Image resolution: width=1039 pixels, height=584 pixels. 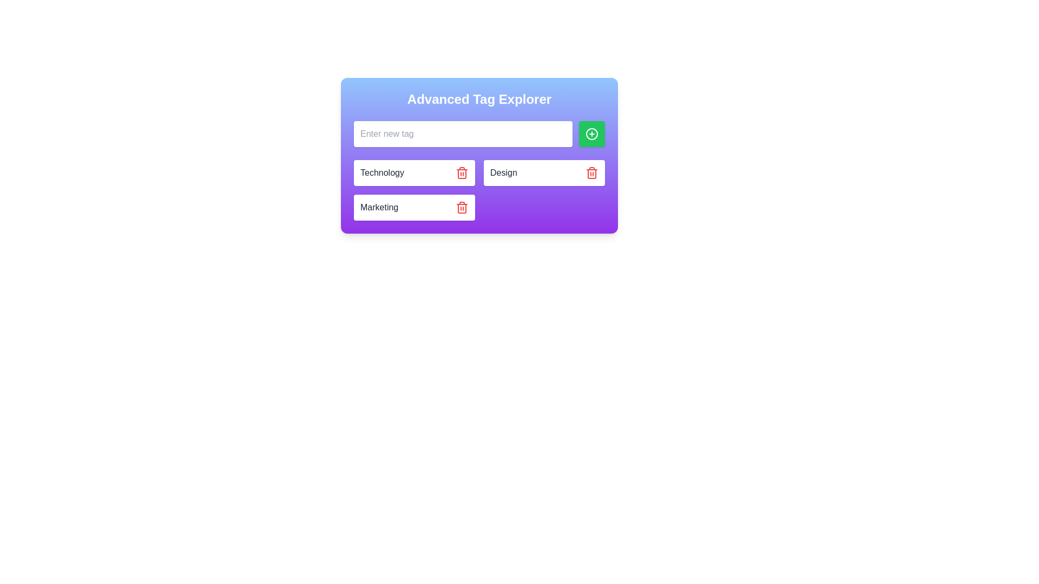 What do you see at coordinates (479, 189) in the screenshot?
I see `the grid layout containing the items 'Technology', 'Design', and 'Marketing' to interact with its content` at bounding box center [479, 189].